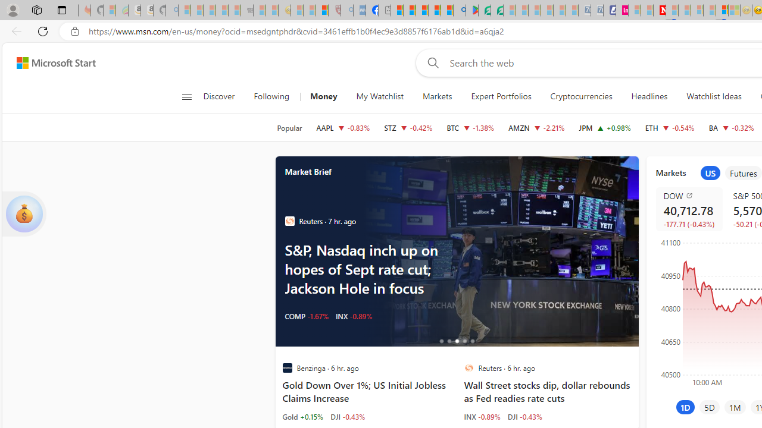  I want to click on 'Reuters', so click(468, 367).